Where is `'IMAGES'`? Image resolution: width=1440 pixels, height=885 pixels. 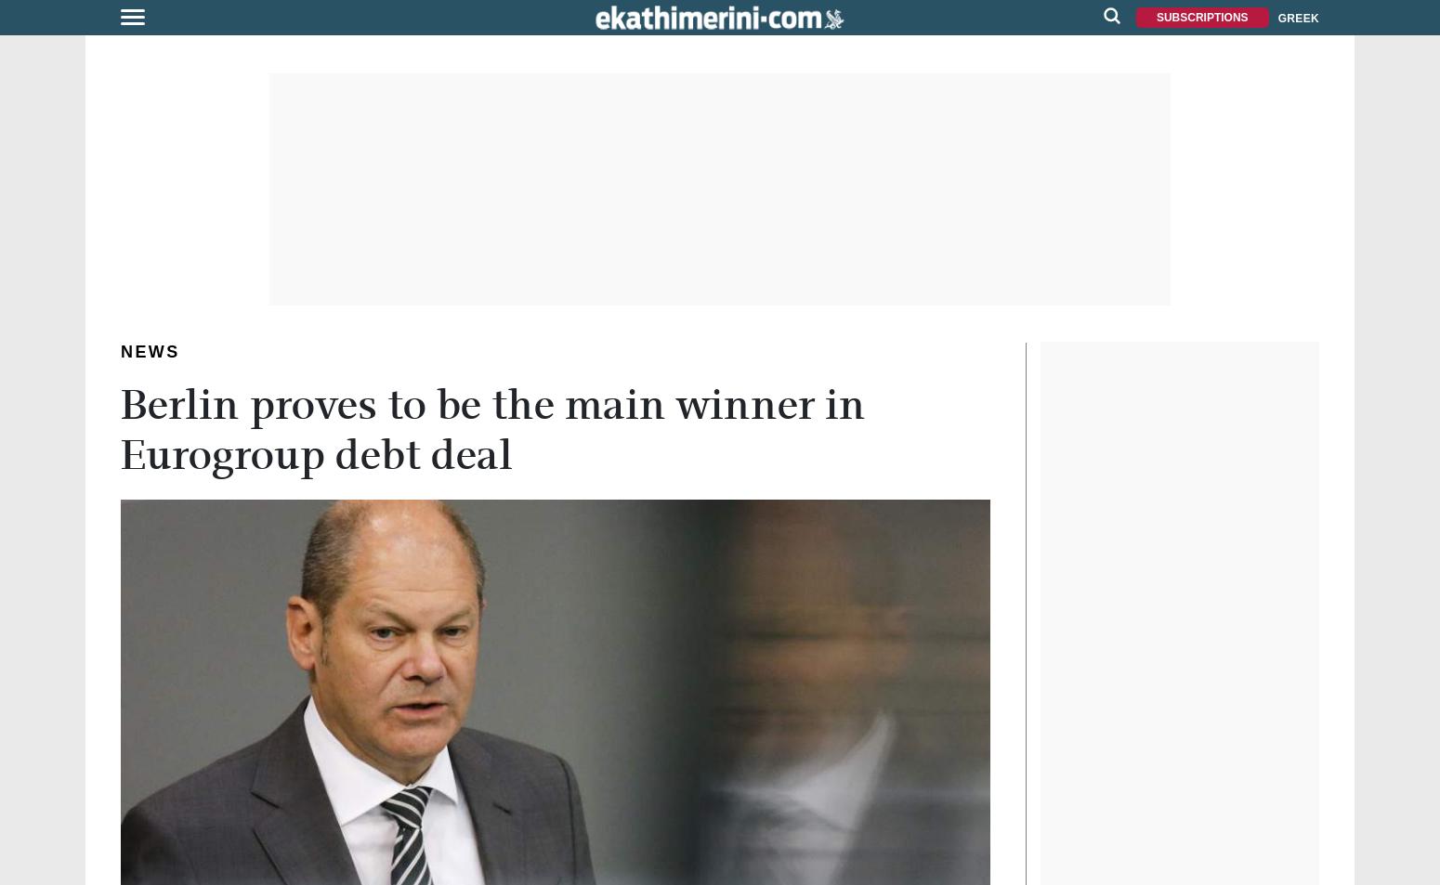
'IMAGES' is located at coordinates (36, 446).